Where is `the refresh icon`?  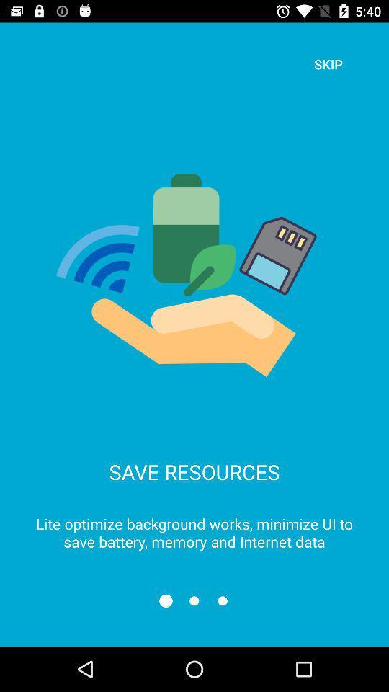
the refresh icon is located at coordinates (194, 600).